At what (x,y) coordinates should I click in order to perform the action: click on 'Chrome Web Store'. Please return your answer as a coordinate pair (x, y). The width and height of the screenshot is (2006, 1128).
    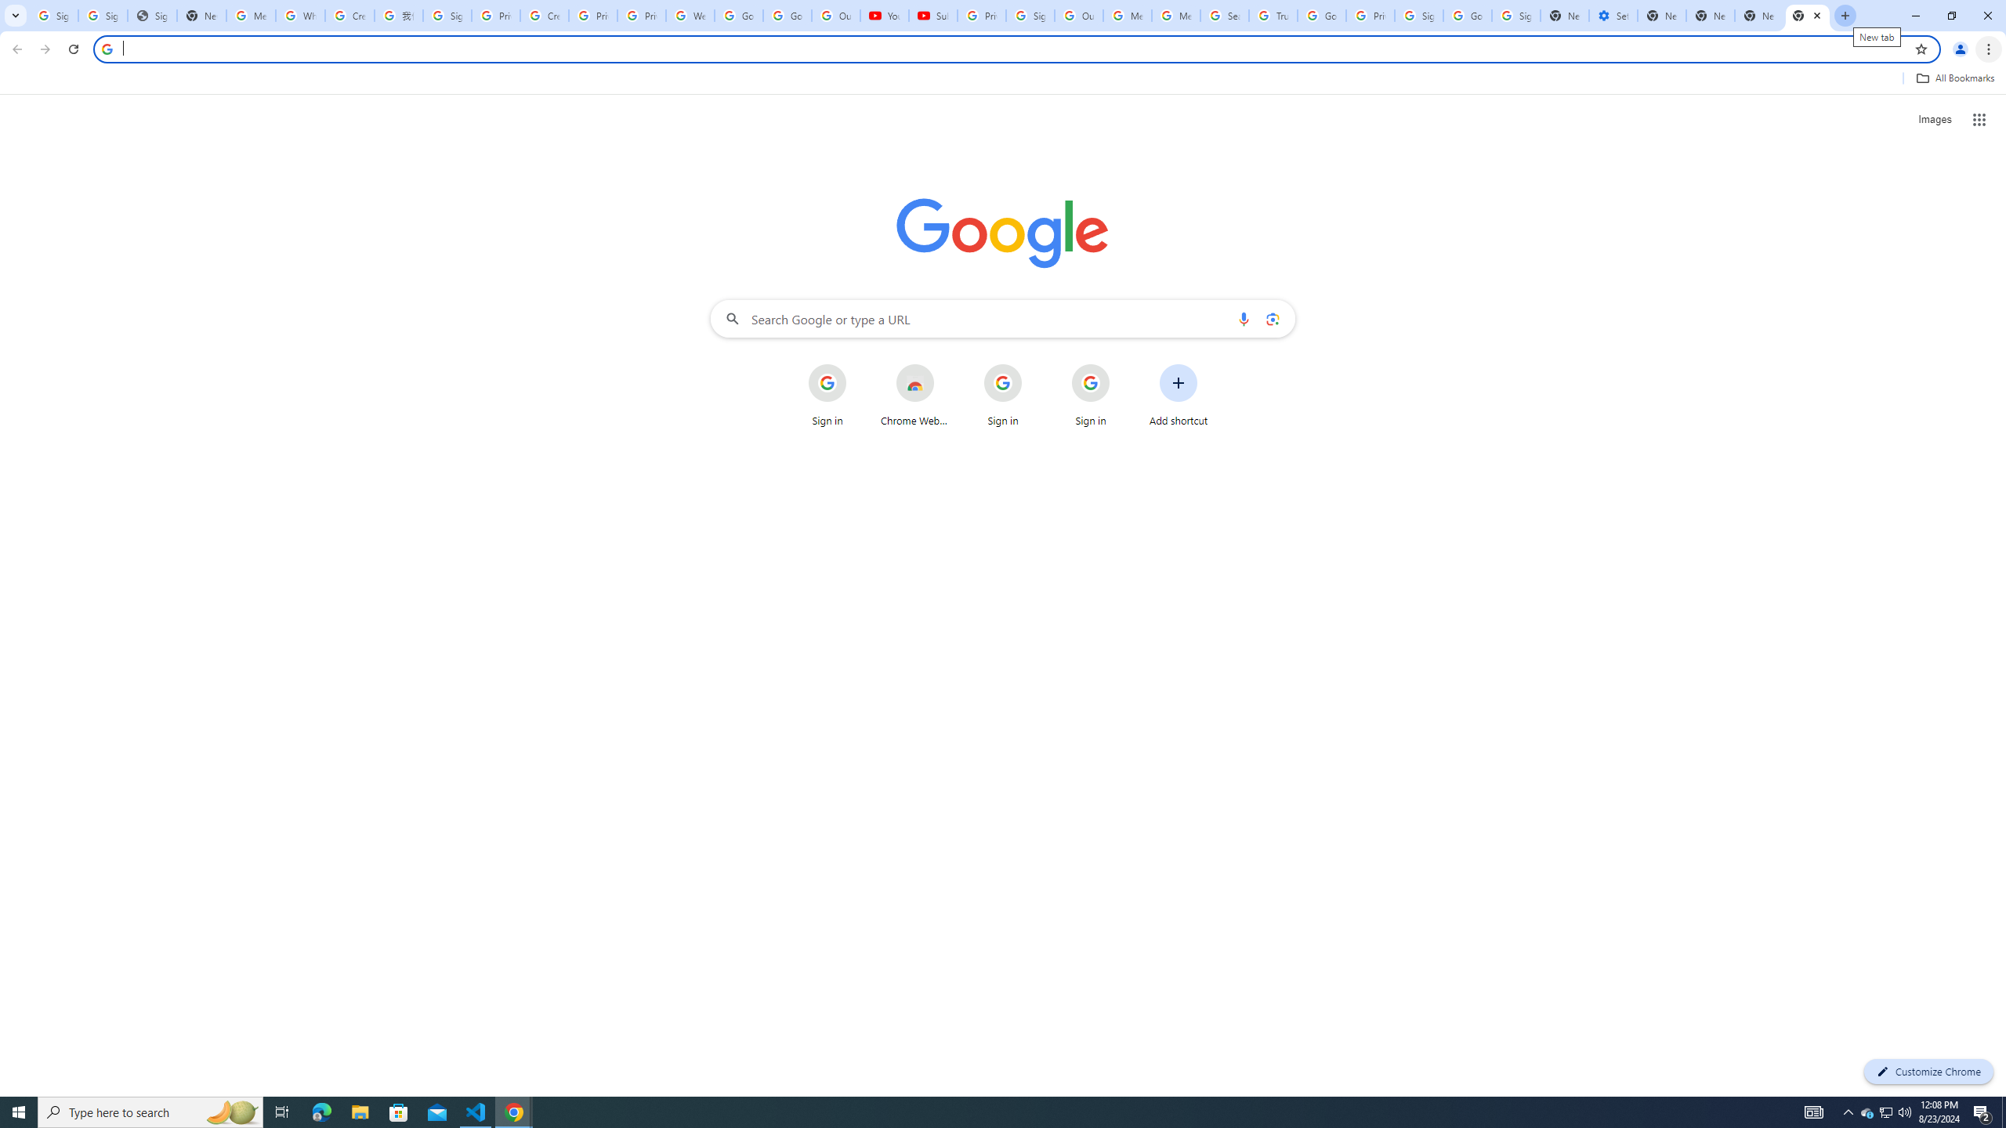
    Looking at the image, I should click on (914, 396).